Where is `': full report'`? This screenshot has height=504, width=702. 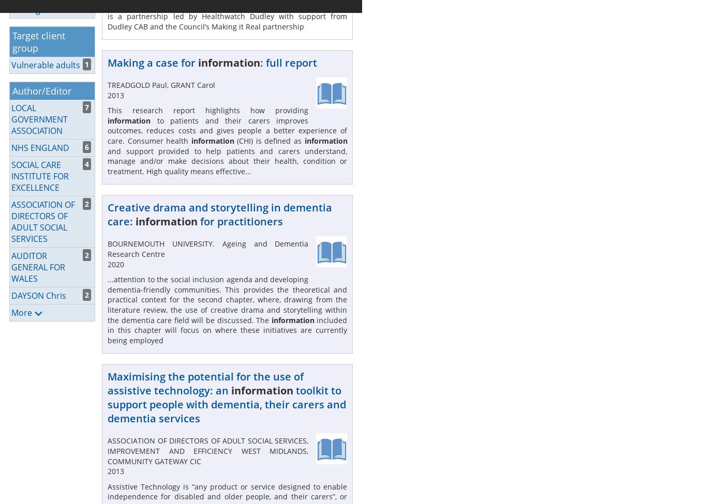
': full report' is located at coordinates (288, 62).